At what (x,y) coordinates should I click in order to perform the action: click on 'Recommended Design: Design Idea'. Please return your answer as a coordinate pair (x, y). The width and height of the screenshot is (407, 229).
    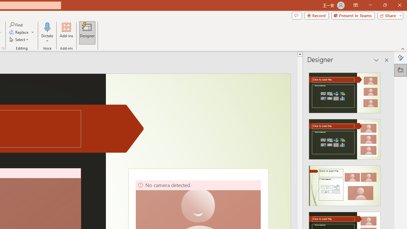
    Looking at the image, I should click on (344, 91).